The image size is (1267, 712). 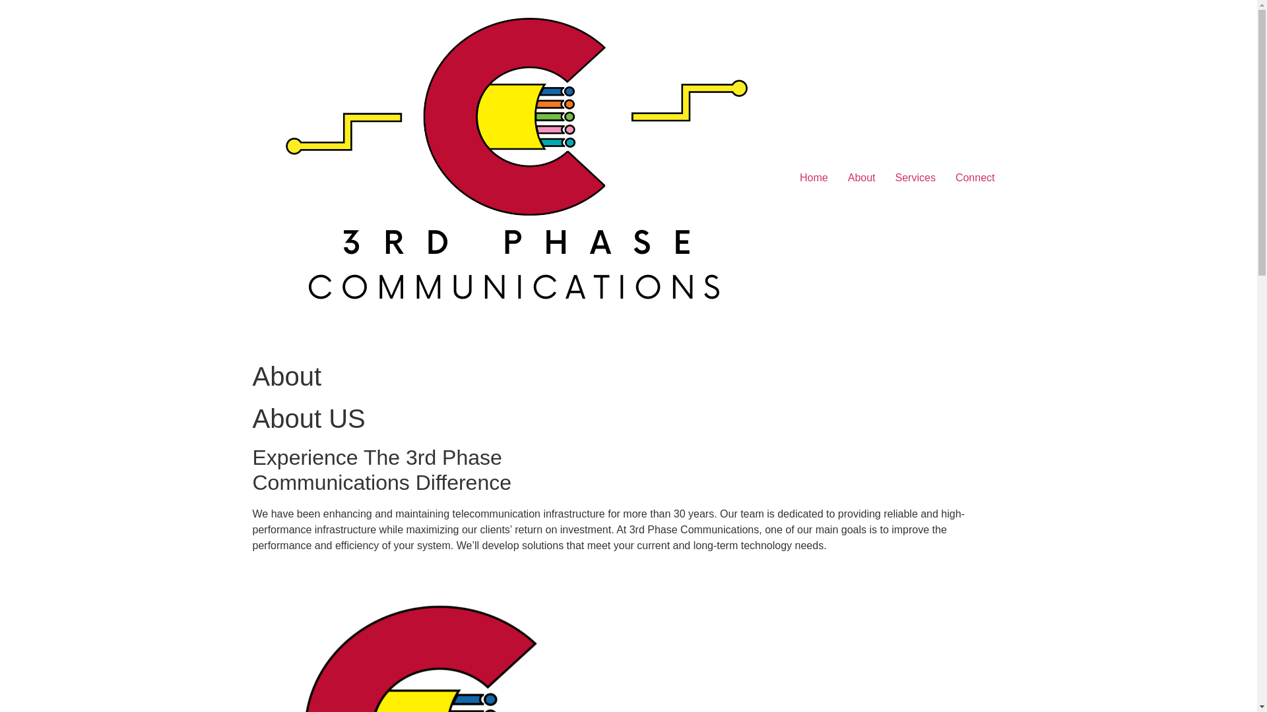 What do you see at coordinates (837, 178) in the screenshot?
I see `'About'` at bounding box center [837, 178].